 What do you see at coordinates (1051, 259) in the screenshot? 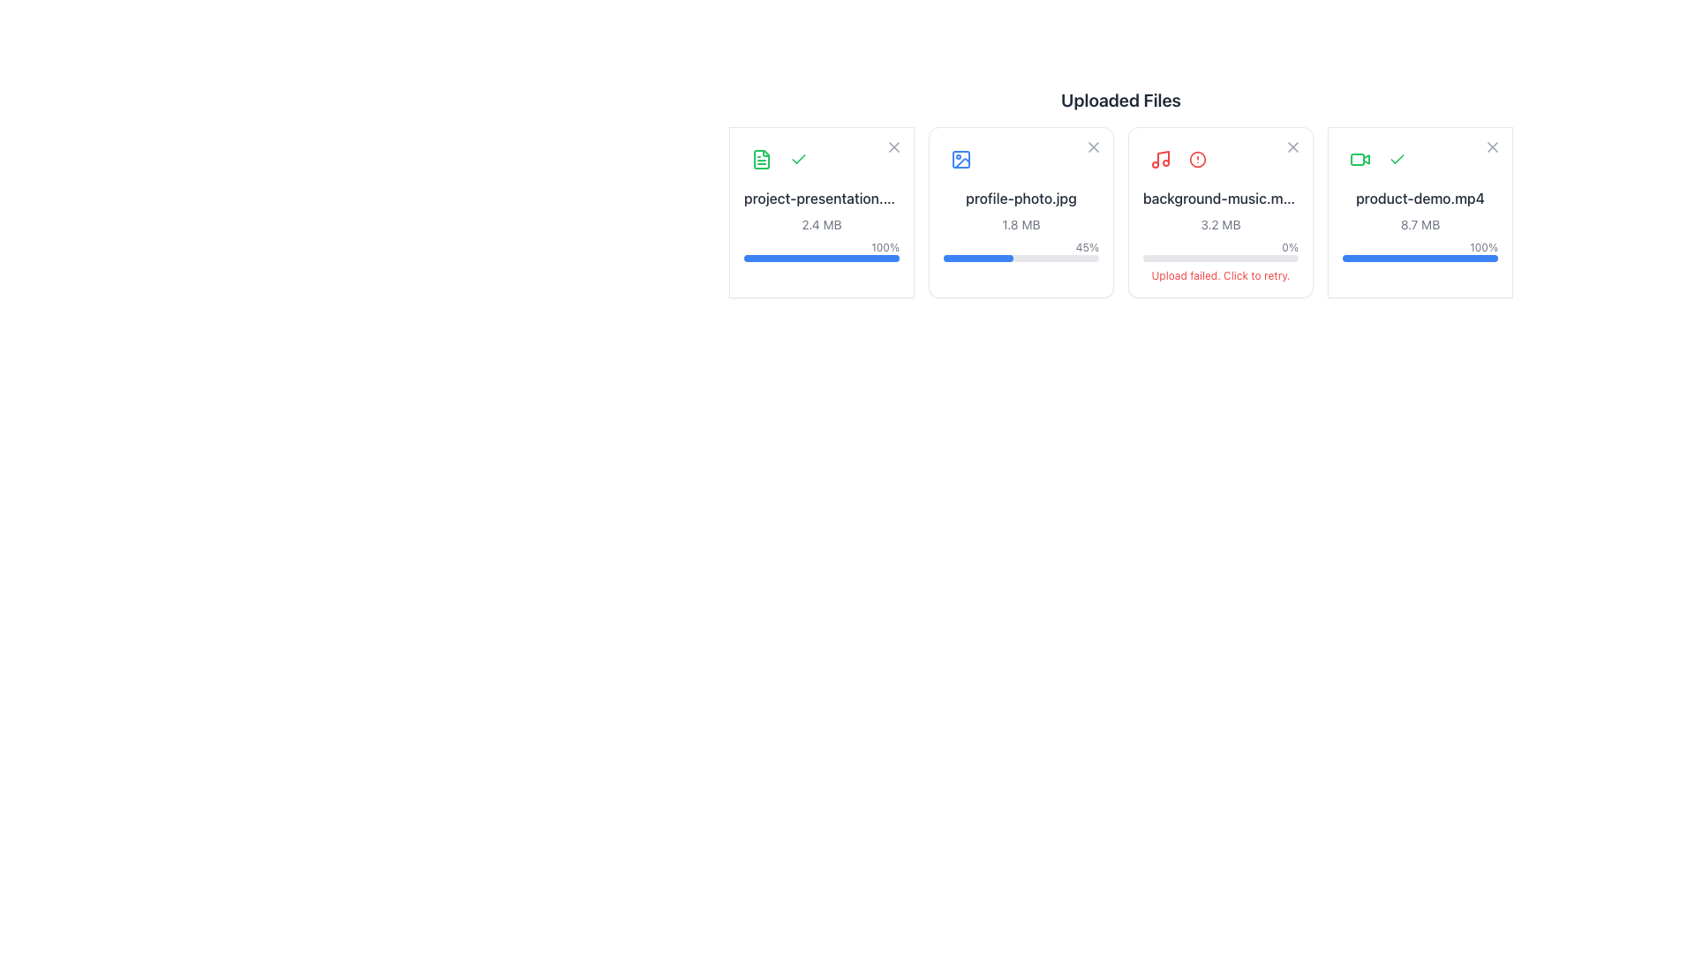
I see `progress bar value` at bounding box center [1051, 259].